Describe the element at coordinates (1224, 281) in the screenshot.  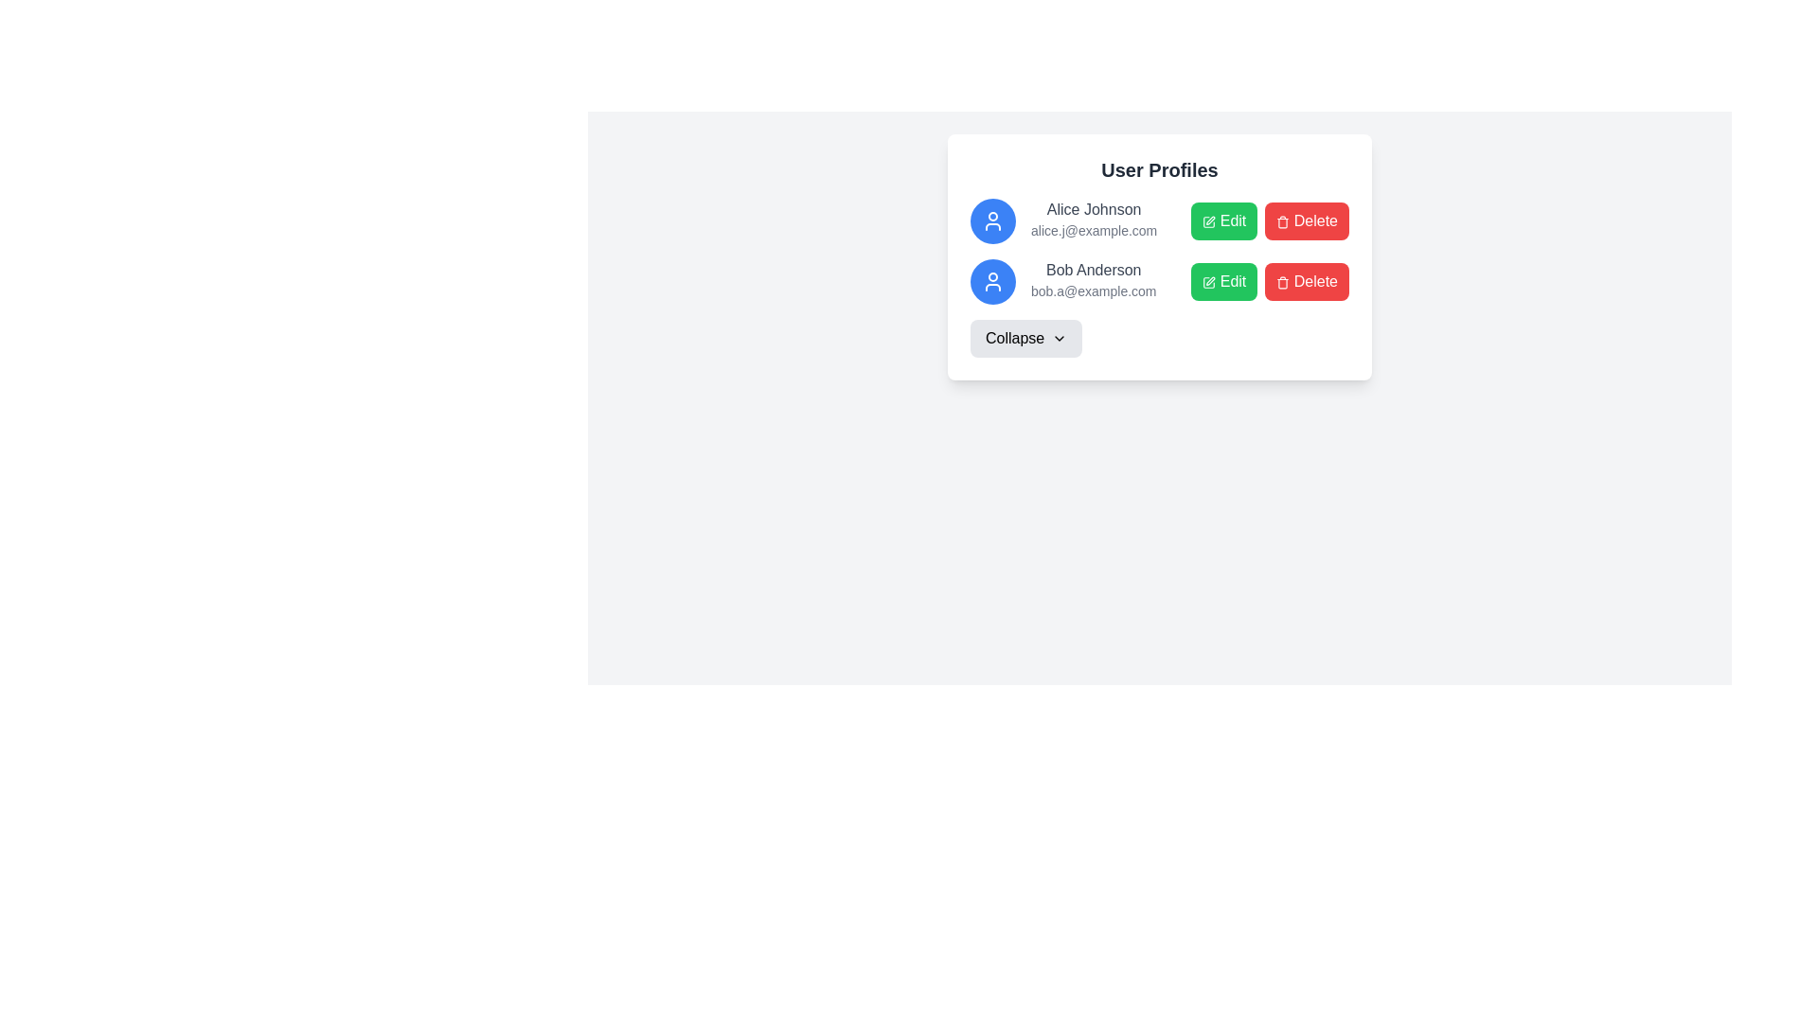
I see `the button for editing the profile of 'Bob Anderson', located in the second row of the profile list, first button in alignment with the 'Delete' button` at that location.